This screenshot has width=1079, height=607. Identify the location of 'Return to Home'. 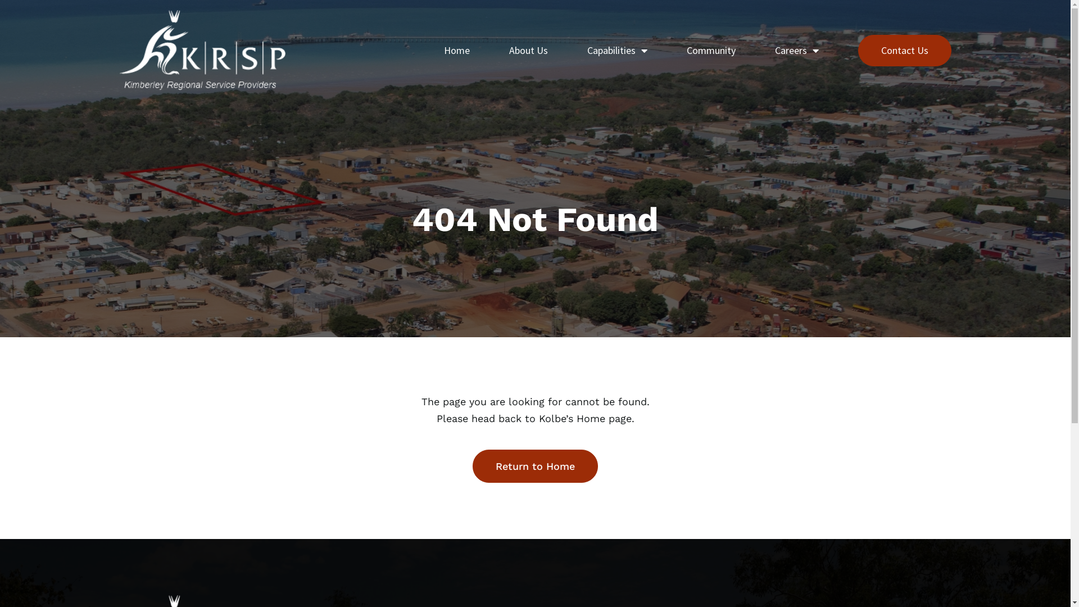
(534, 466).